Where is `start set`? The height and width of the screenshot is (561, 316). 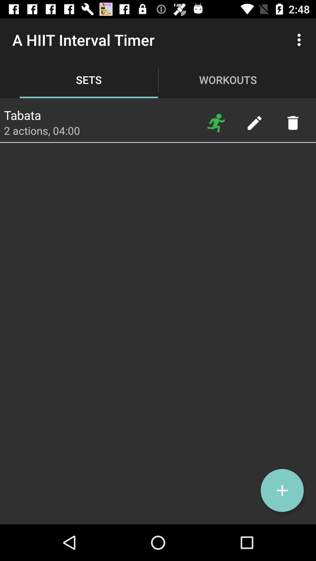
start set is located at coordinates (216, 122).